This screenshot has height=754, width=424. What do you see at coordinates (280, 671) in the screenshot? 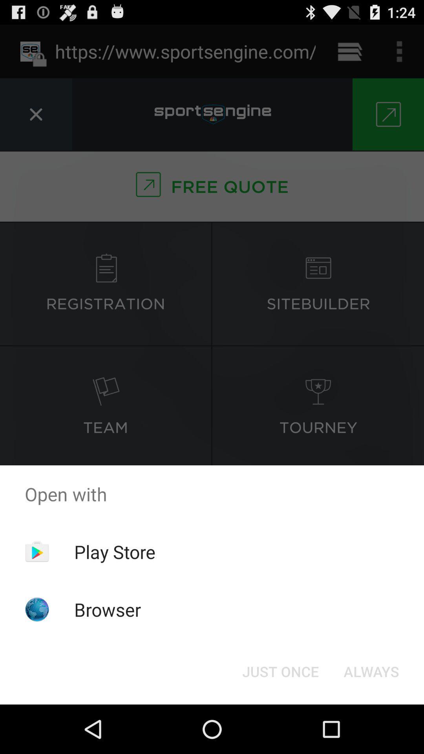
I see `the button to the left of the always icon` at bounding box center [280, 671].